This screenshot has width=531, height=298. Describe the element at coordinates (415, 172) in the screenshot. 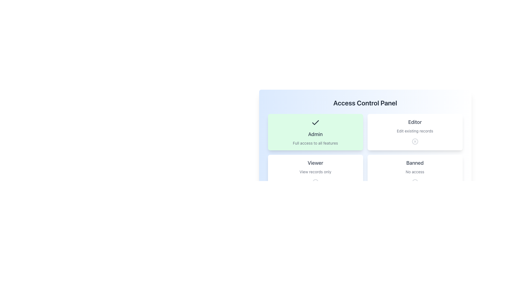

I see `the text label that displays 'No access', located in the bottom-right corner of the 'Banned' card within a 2x2 grid layout` at that location.